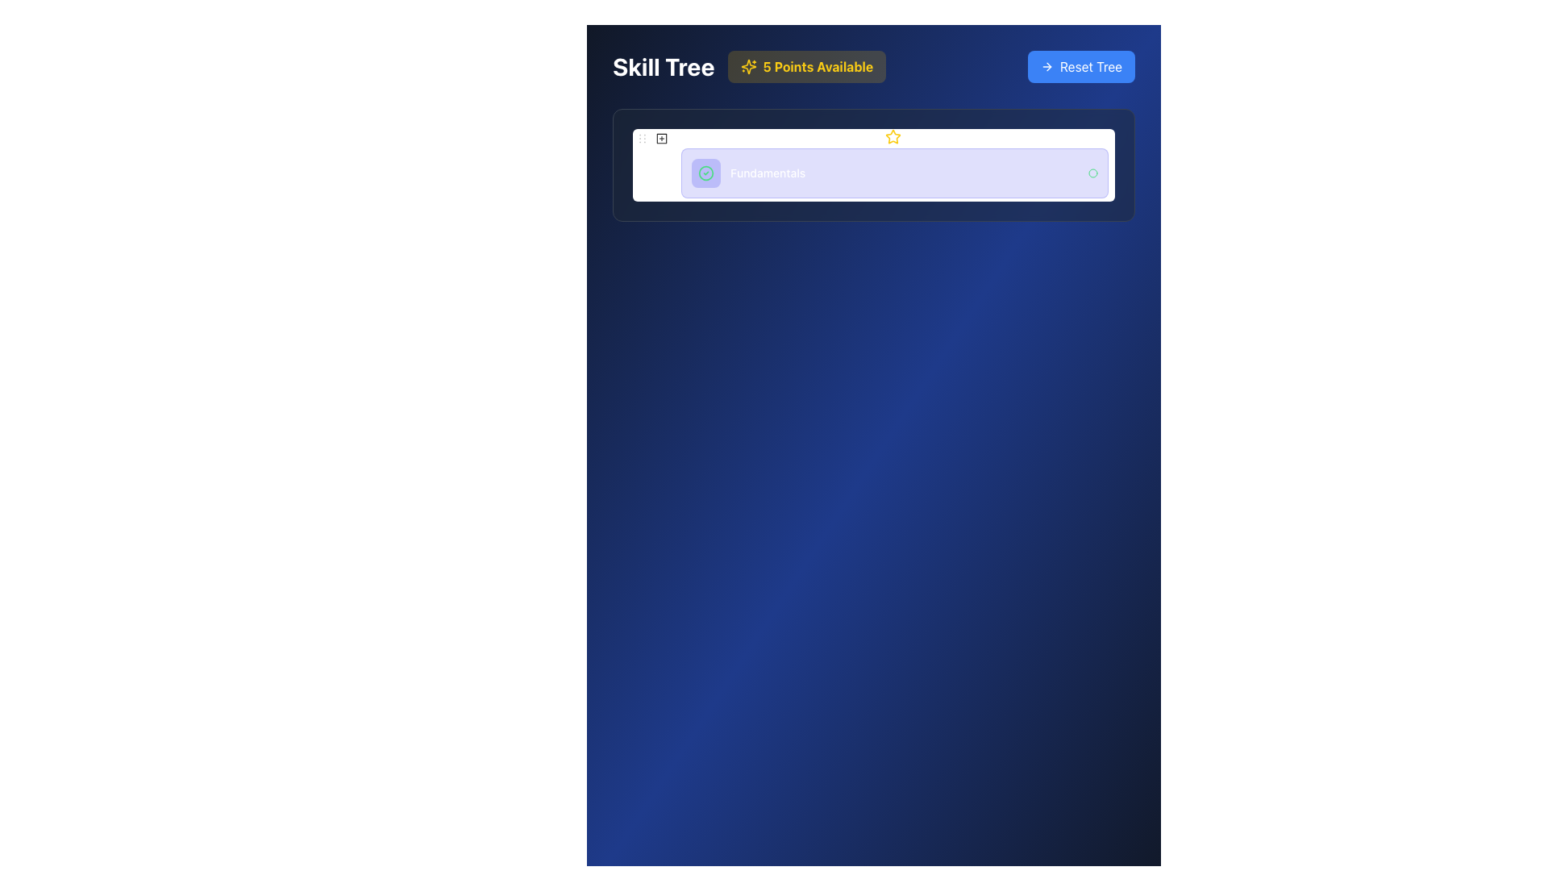 The height and width of the screenshot is (871, 1548). What do you see at coordinates (1047, 66) in the screenshot?
I see `the rightward arrow icon located on the far left side of the 'Reset Tree' button, which visually indicates an action associated with the button` at bounding box center [1047, 66].